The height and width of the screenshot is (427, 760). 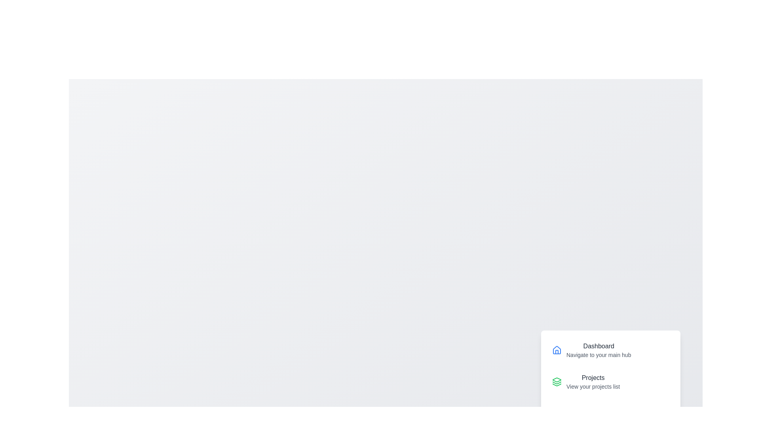 What do you see at coordinates (610, 381) in the screenshot?
I see `the menu item labeled 'Projects' to reveal its details` at bounding box center [610, 381].